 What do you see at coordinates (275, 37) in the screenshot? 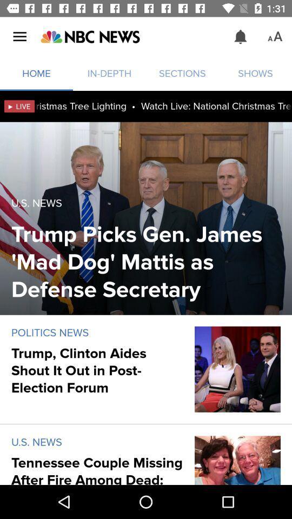
I see `the icon above the shows icon` at bounding box center [275, 37].